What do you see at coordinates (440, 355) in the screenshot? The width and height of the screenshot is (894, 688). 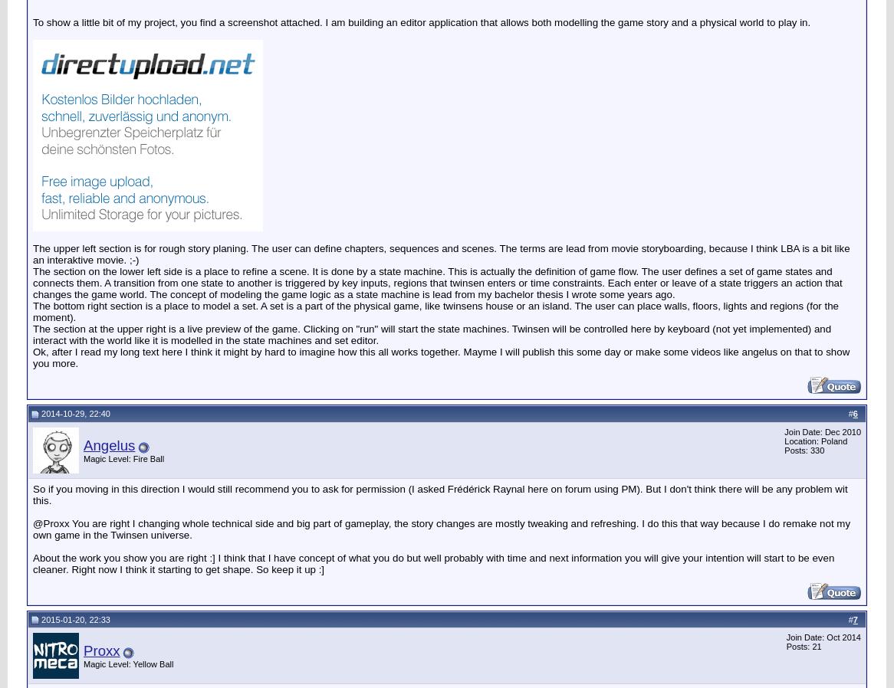 I see `'Ok, after I read my long text here I think it might by hard to imagine how this all works together. Mayme I will publish this some day or make some videos like angelus on that to show you more.'` at bounding box center [440, 355].